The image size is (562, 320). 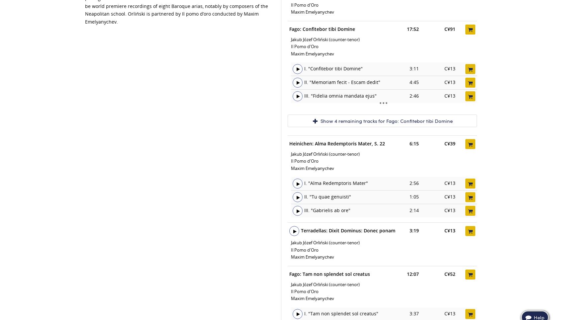 I want to click on 'C¥39', so click(x=449, y=143).